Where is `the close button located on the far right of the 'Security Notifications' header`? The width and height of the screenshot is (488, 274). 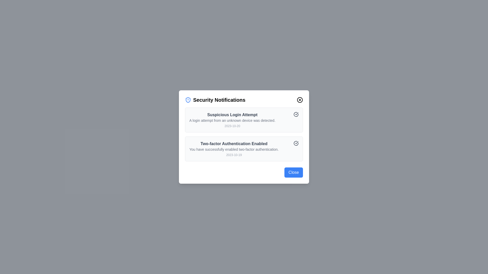
the close button located on the far right of the 'Security Notifications' header is located at coordinates (300, 100).